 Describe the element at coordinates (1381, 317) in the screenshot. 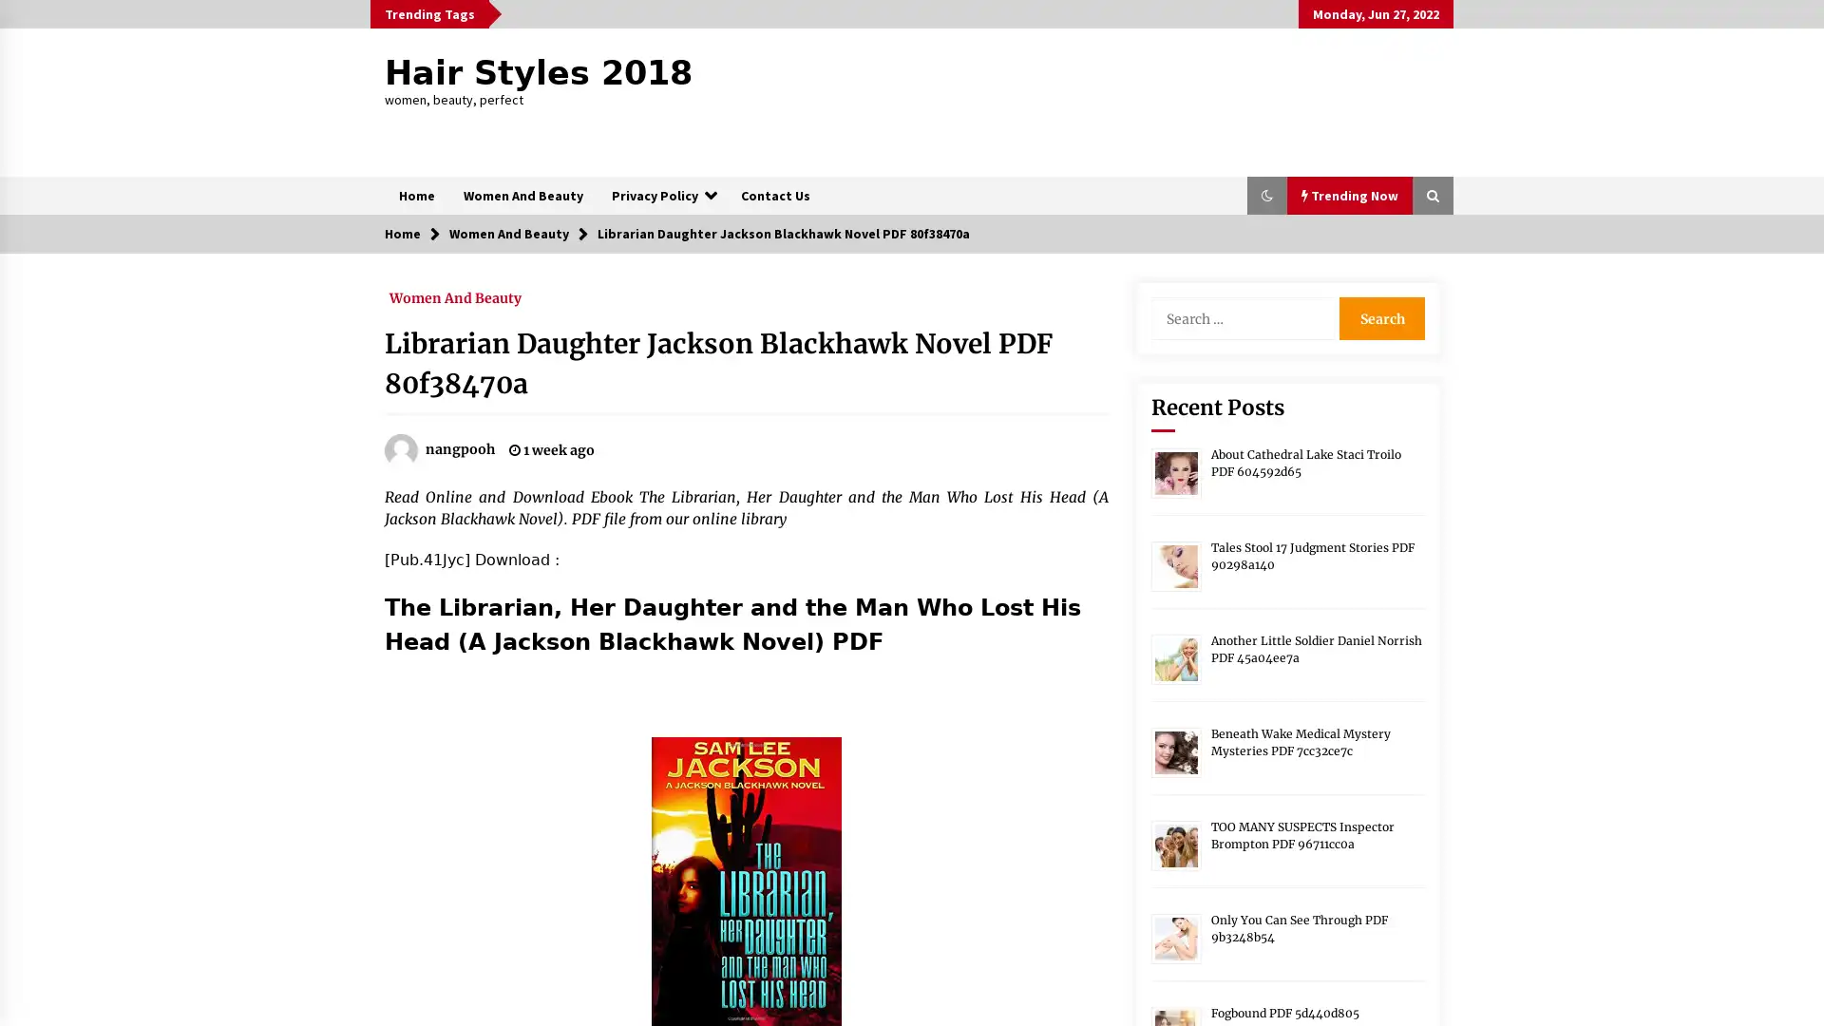

I see `Search` at that location.